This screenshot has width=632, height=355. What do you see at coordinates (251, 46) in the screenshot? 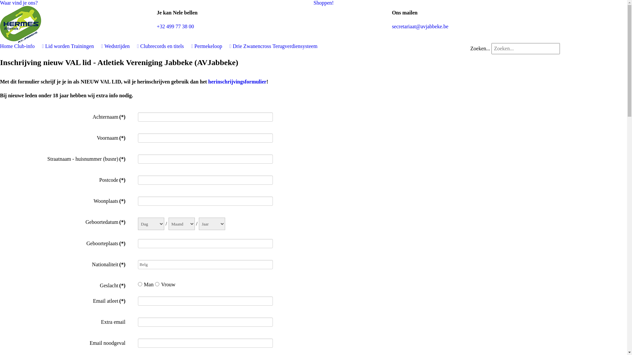
I see `'Drie Zwanencross'` at bounding box center [251, 46].